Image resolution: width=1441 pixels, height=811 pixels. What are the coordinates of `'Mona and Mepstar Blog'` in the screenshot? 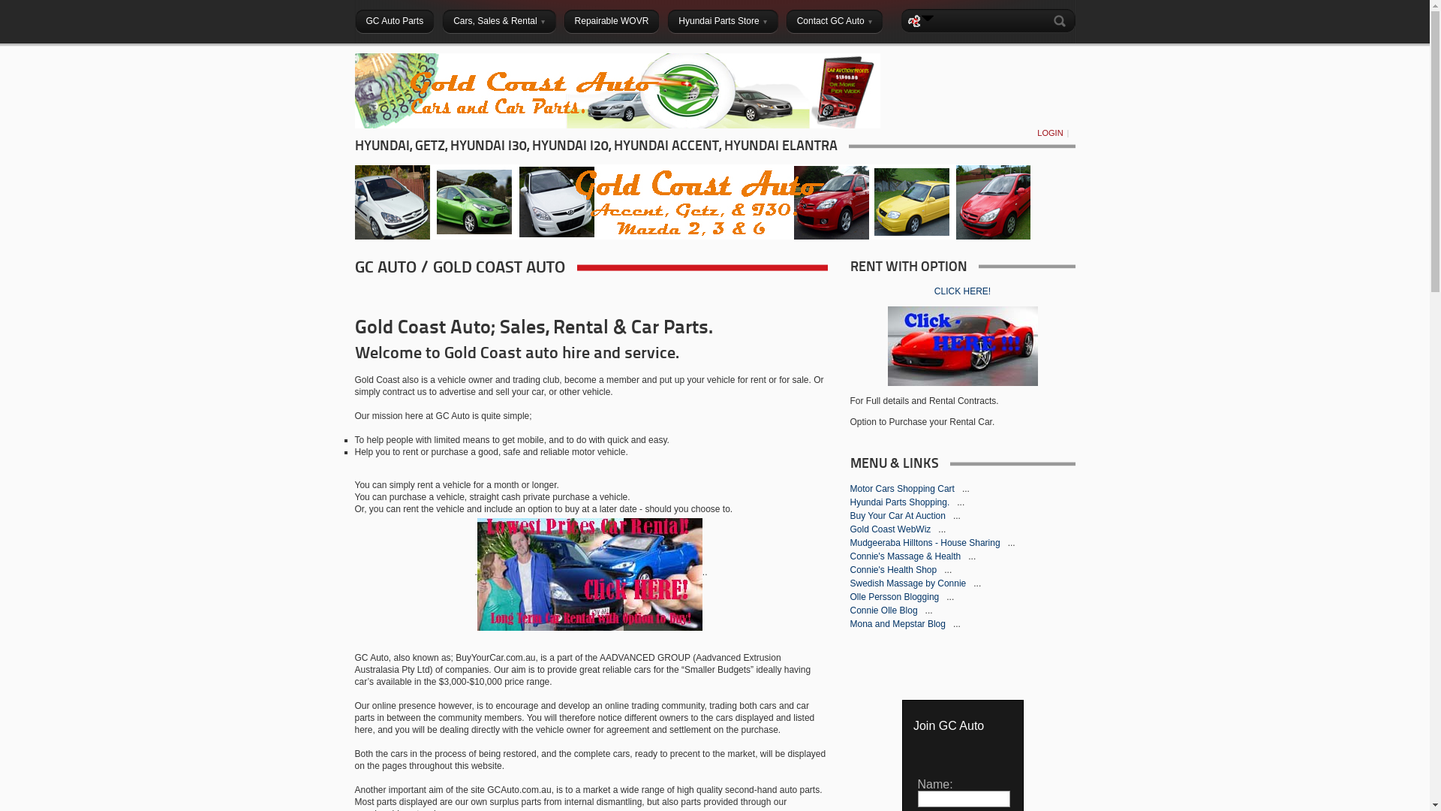 It's located at (898, 623).